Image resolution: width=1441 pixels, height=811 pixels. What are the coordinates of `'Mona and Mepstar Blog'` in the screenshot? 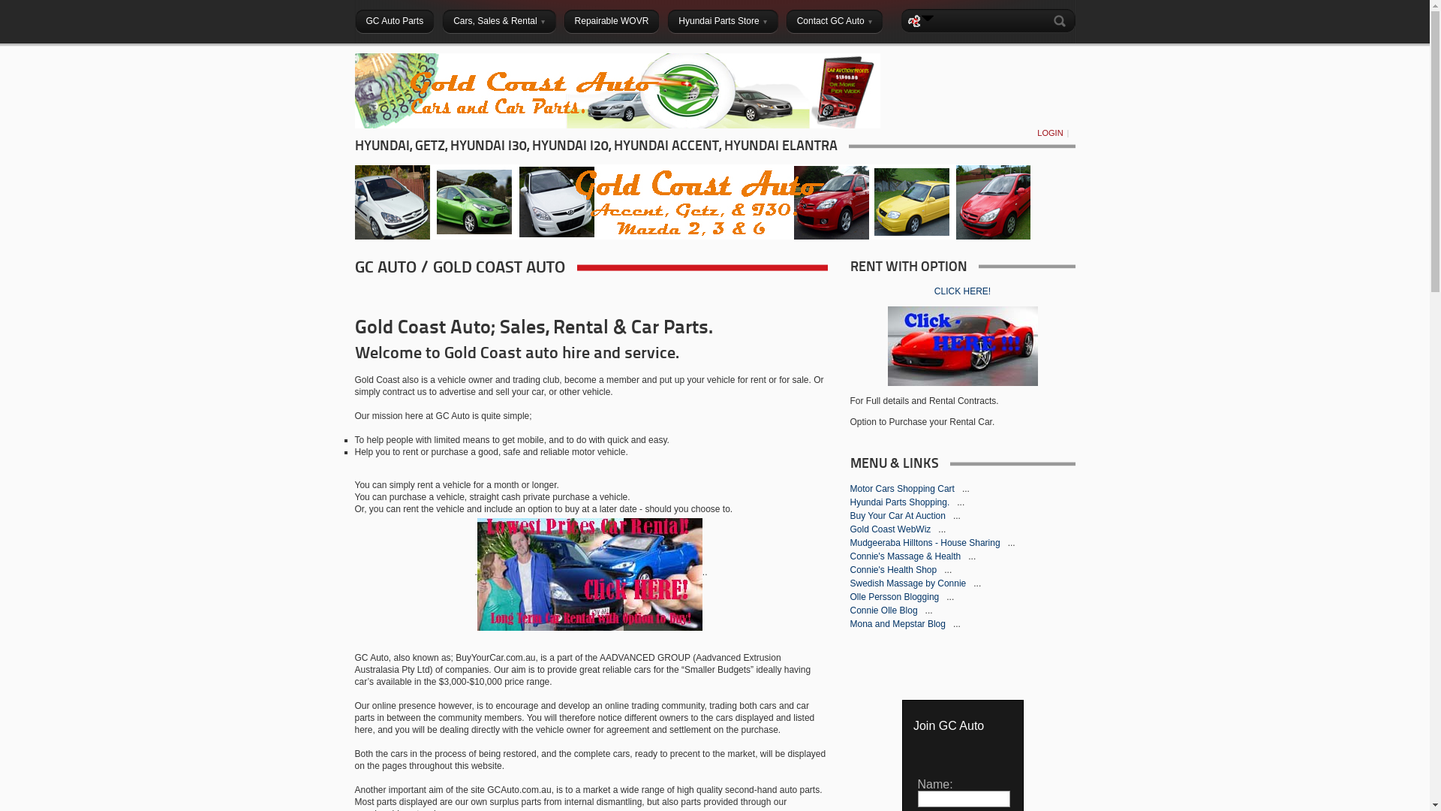 It's located at (898, 623).